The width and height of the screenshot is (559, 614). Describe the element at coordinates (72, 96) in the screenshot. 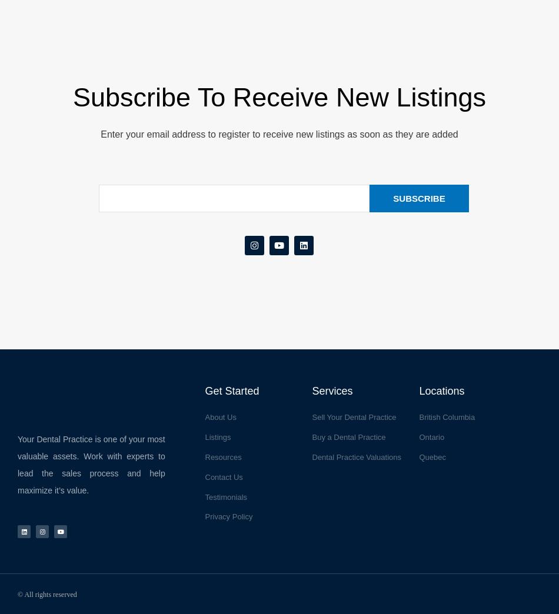

I see `'Subscribe to receive new listings'` at that location.